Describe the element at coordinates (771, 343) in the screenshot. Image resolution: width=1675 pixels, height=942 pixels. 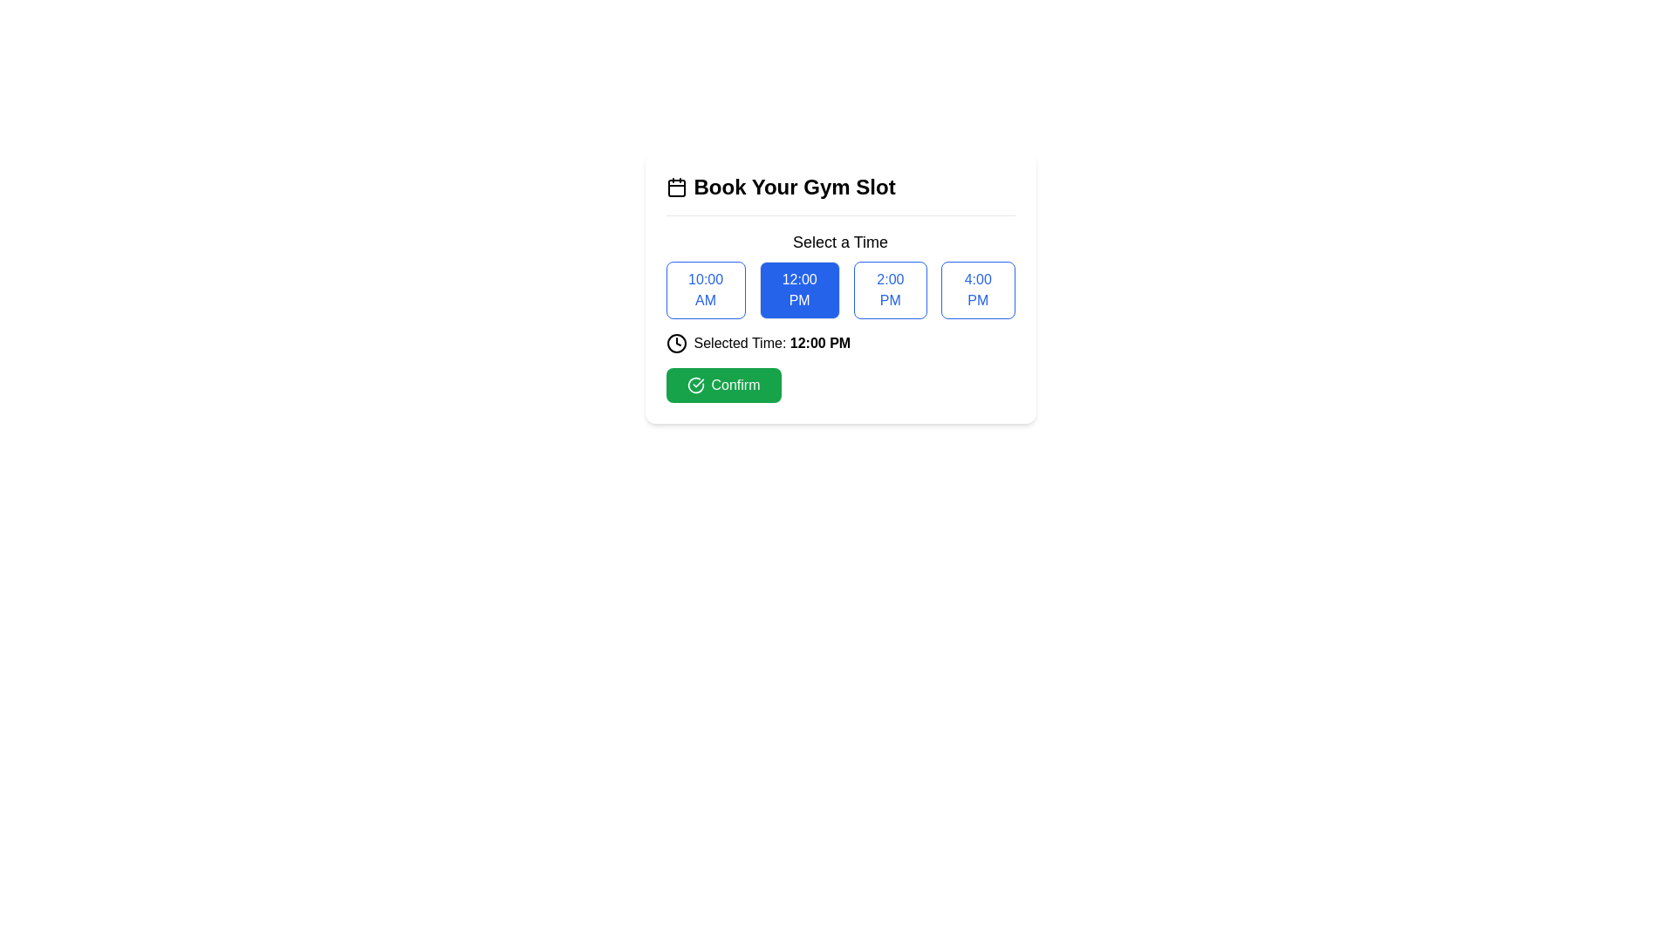
I see `text label that displays the currently selected time, positioned centrally below the time selection buttons and to the right of the clock icon` at that location.